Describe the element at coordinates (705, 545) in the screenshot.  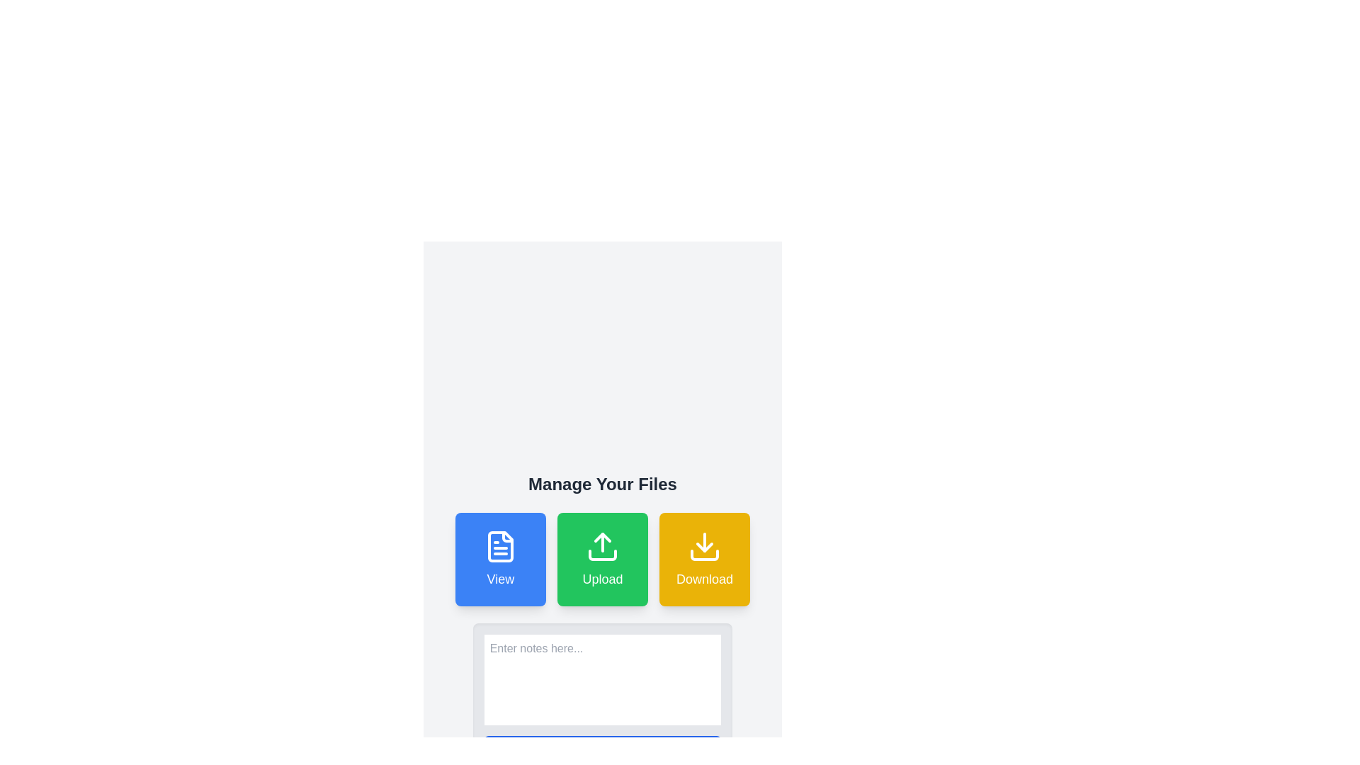
I see `the download icon located within the 'Download' button` at that location.